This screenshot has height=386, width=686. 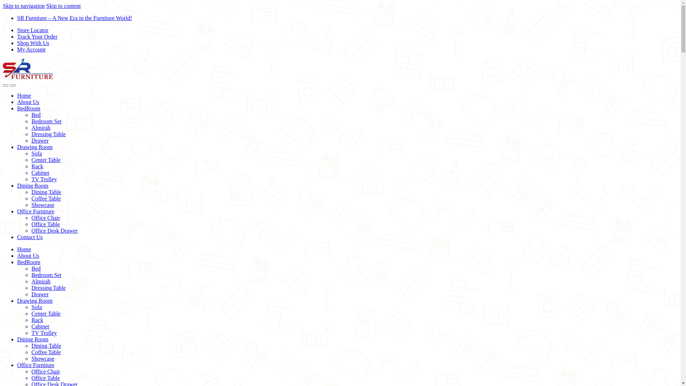 I want to click on 'Office Chair', so click(x=45, y=217).